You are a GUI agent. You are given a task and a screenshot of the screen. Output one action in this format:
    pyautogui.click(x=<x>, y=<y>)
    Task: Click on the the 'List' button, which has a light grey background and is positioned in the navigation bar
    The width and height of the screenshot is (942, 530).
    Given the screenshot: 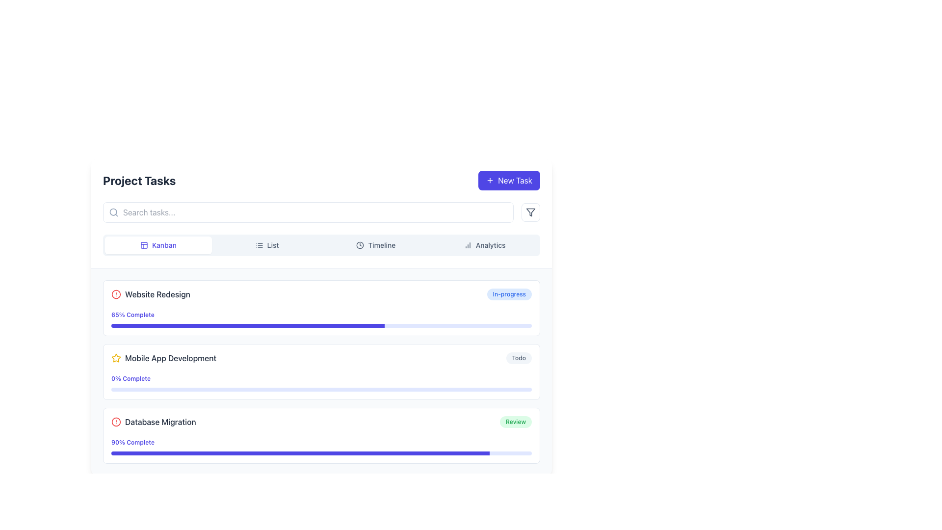 What is the action you would take?
    pyautogui.click(x=267, y=245)
    